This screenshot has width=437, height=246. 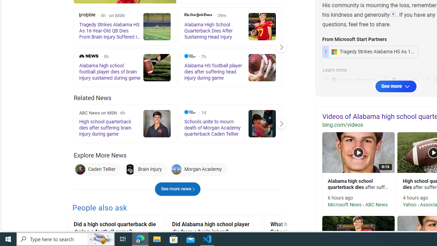 I want to click on 'Morgan Academy', so click(x=176, y=169).